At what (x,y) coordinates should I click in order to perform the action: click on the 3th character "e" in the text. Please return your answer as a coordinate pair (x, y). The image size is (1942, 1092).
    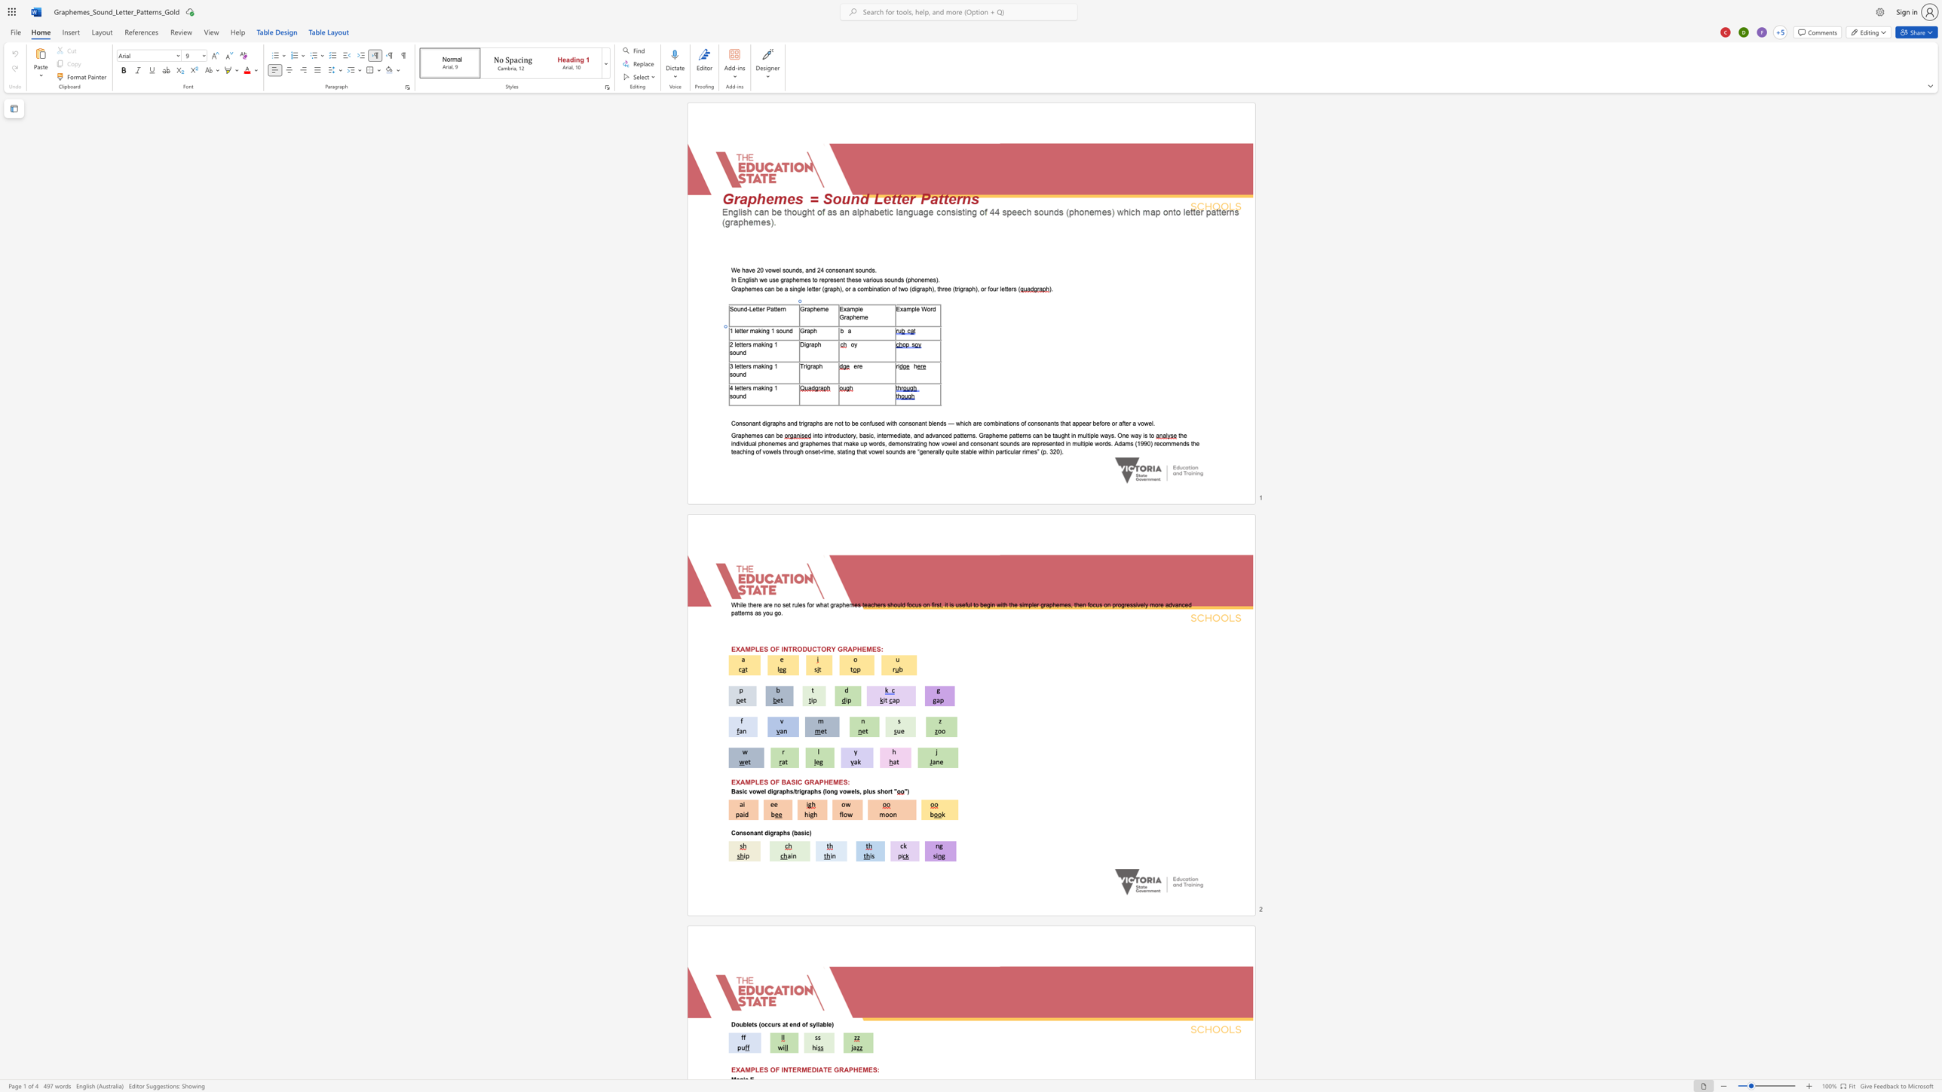
    Looking at the image, I should click on (865, 316).